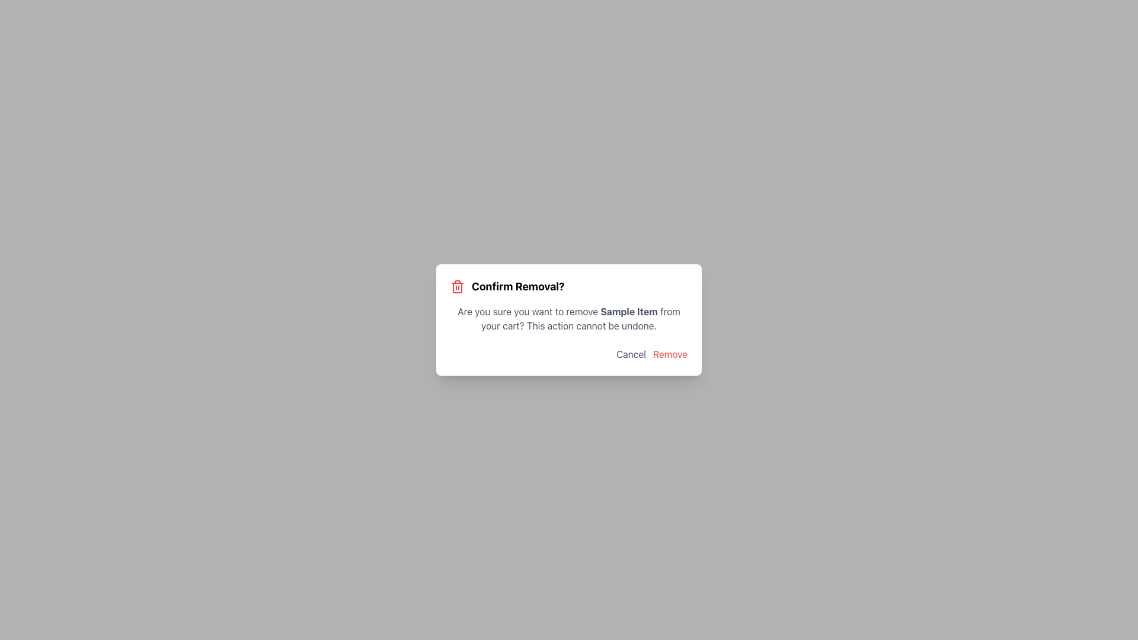 This screenshot has height=640, width=1138. I want to click on the trash bin icon representing the delete functionality in the modal window titled 'Confirm Removal?', so click(457, 288).